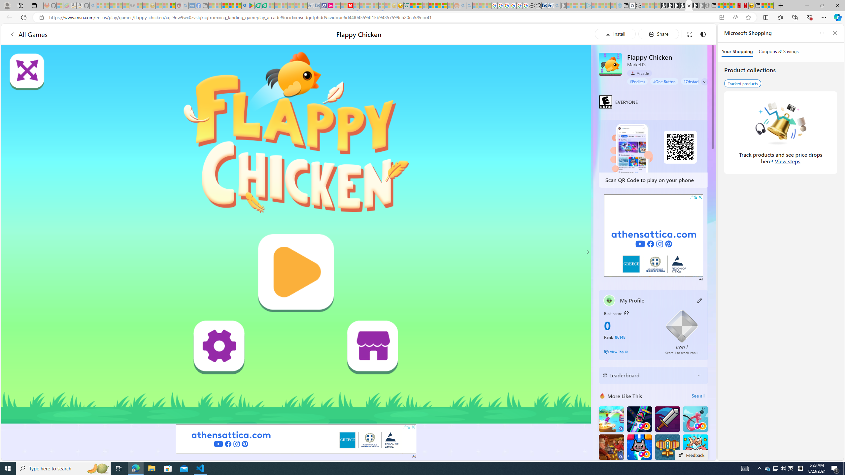  What do you see at coordinates (648, 375) in the screenshot?
I see `'Leaderboard'` at bounding box center [648, 375].